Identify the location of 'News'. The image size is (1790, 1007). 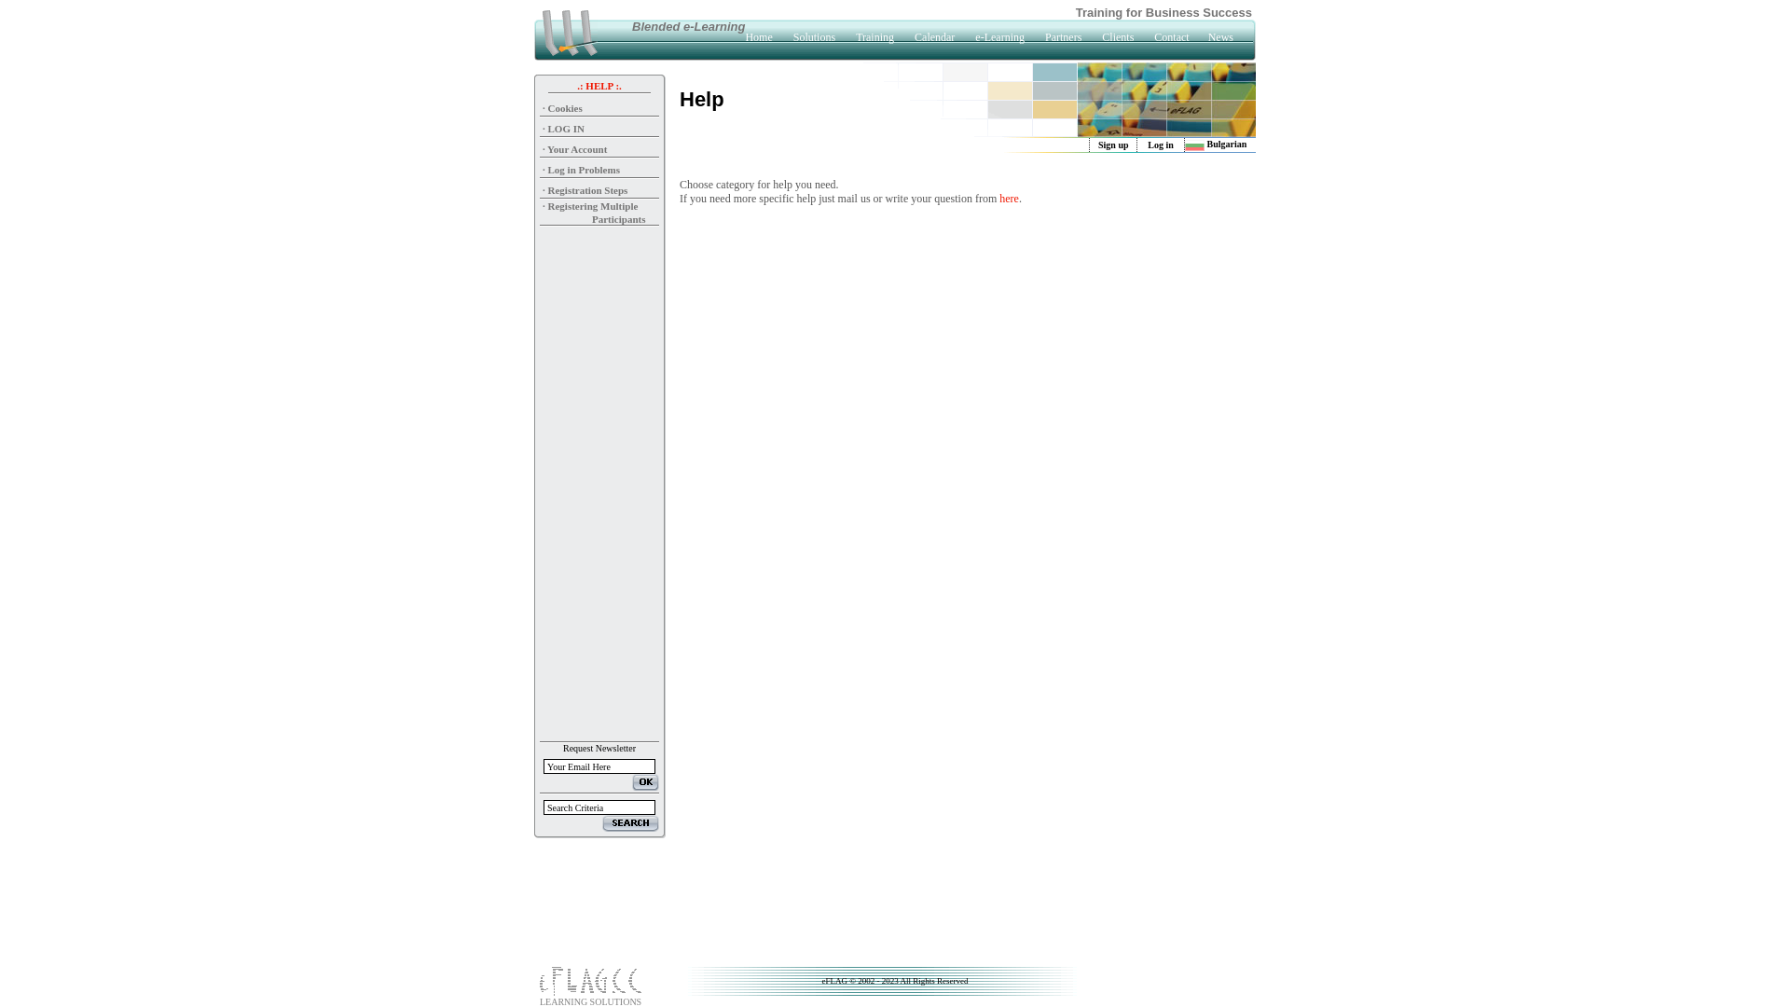
(1220, 36).